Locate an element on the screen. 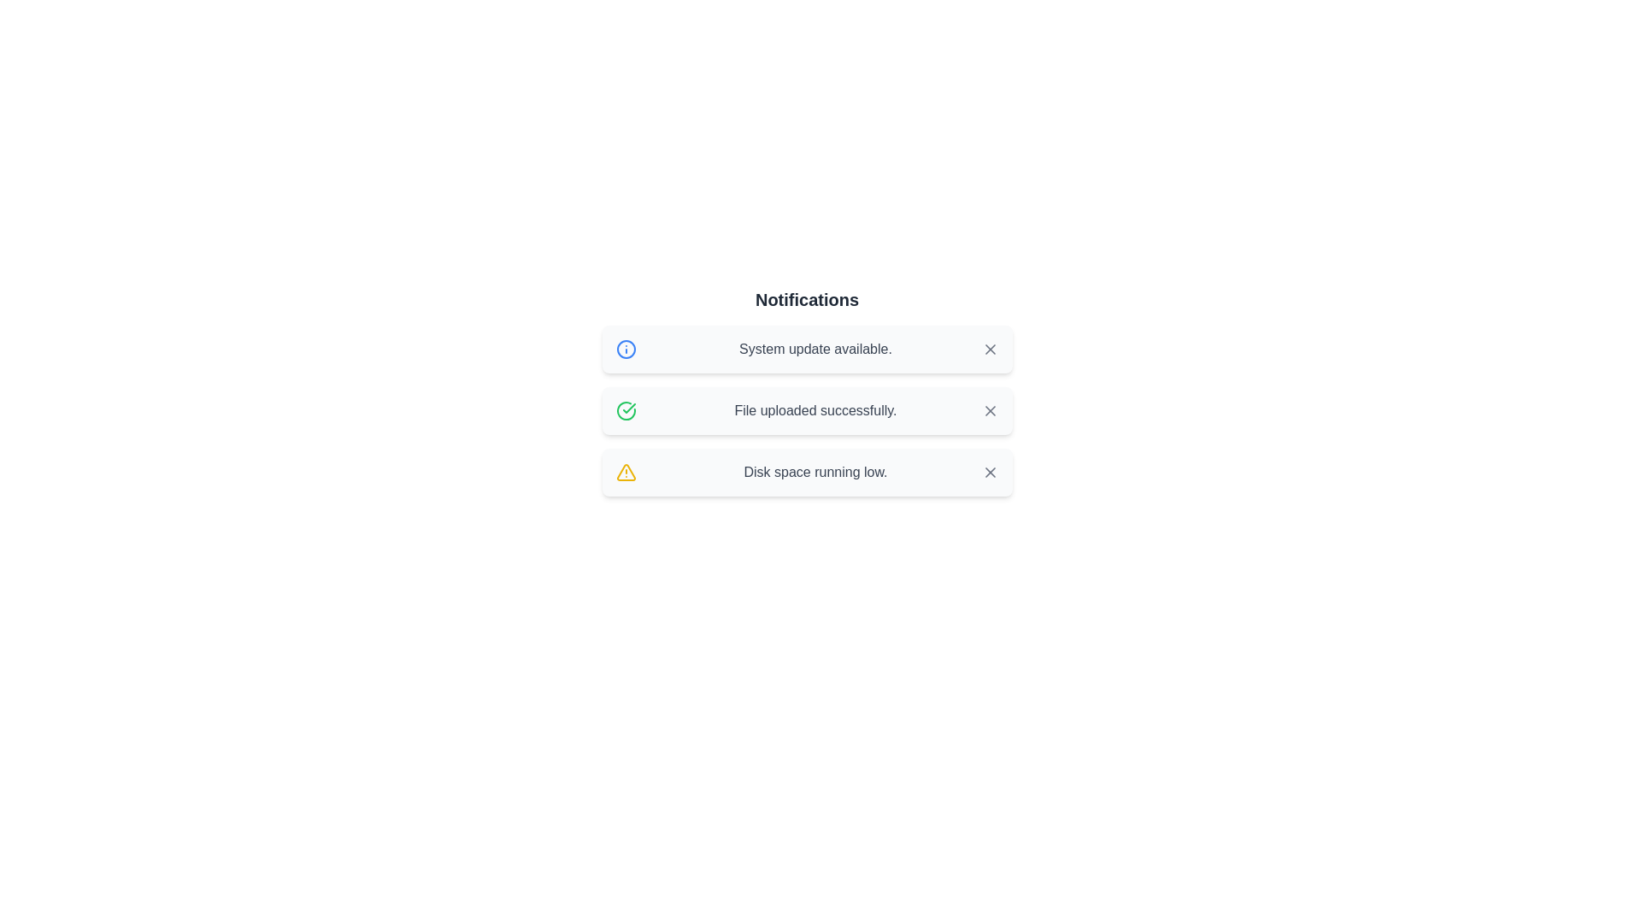  the topmost notification in the notifications list, which informs the user about an available system update is located at coordinates (806, 348).